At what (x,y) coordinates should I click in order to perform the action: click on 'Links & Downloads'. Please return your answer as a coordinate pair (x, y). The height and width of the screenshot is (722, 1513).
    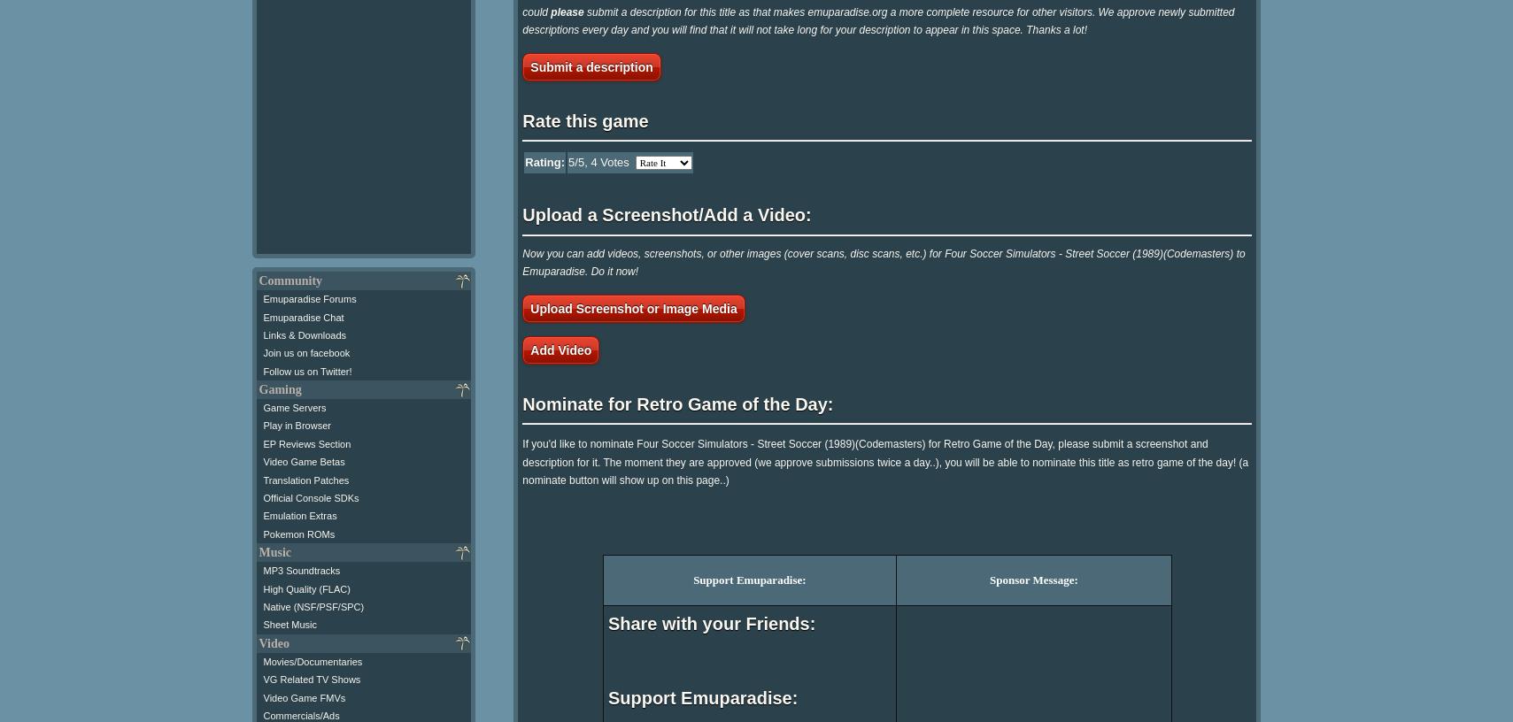
    Looking at the image, I should click on (304, 334).